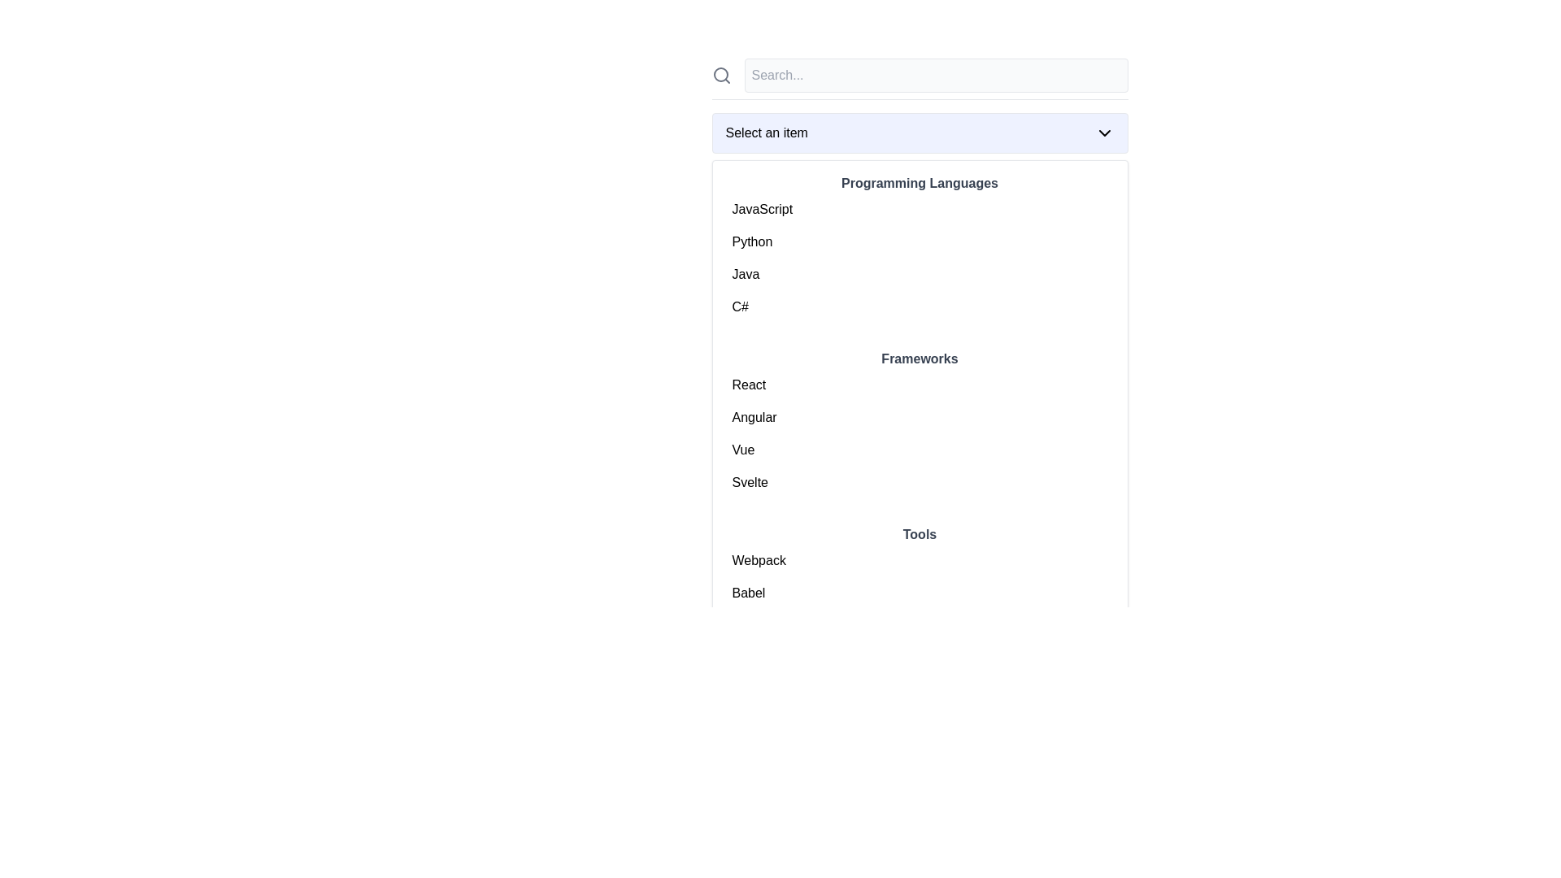 Image resolution: width=1561 pixels, height=878 pixels. I want to click on the 'Tools' dropdown section at the bottom of the menu, so click(920, 599).